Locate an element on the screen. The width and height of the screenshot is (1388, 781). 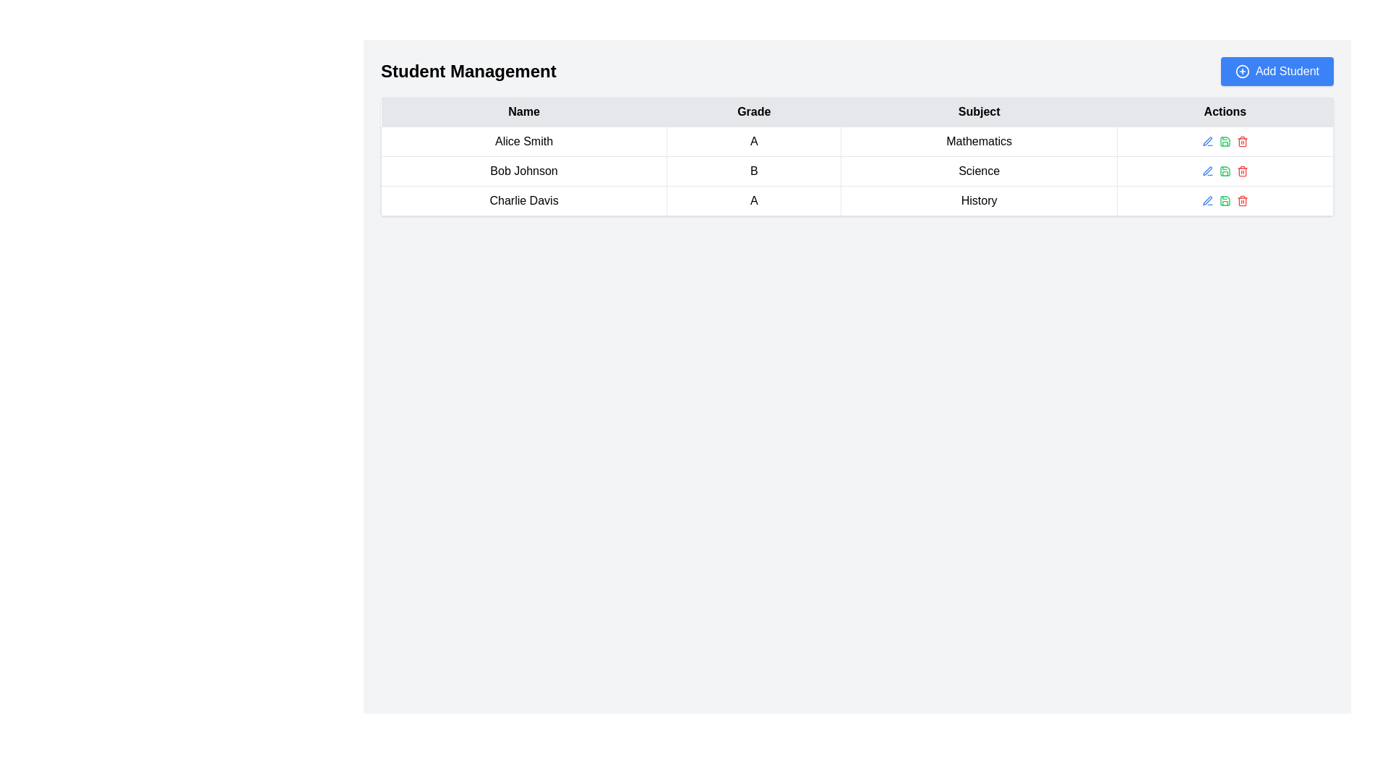
the 'Subject' column header cell in the table, which is the third column header from the left, located between 'Grade' and 'Actions' is located at coordinates (979, 111).